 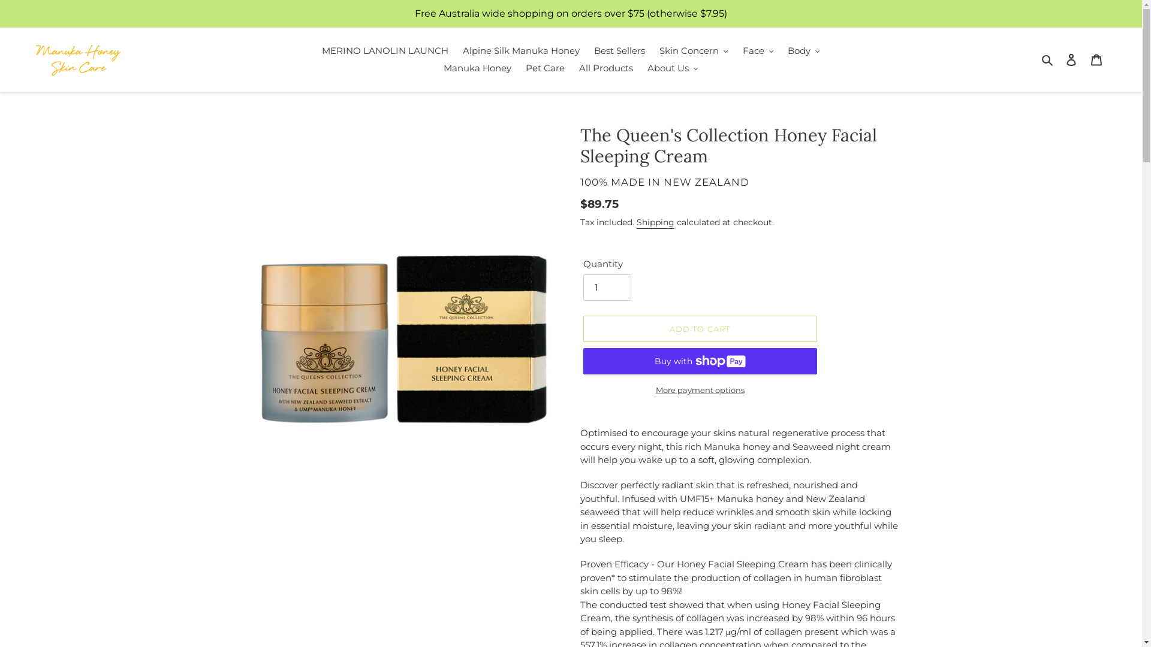 What do you see at coordinates (456, 50) in the screenshot?
I see `'Alpine Silk Manuka Honey'` at bounding box center [456, 50].